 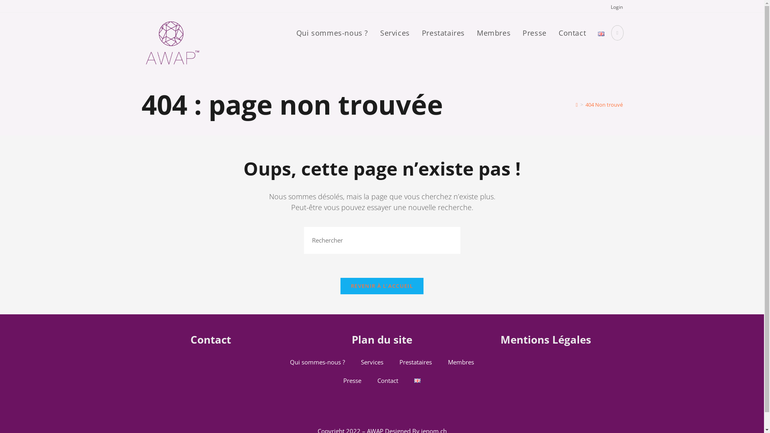 I want to click on 'Login', so click(x=616, y=7).